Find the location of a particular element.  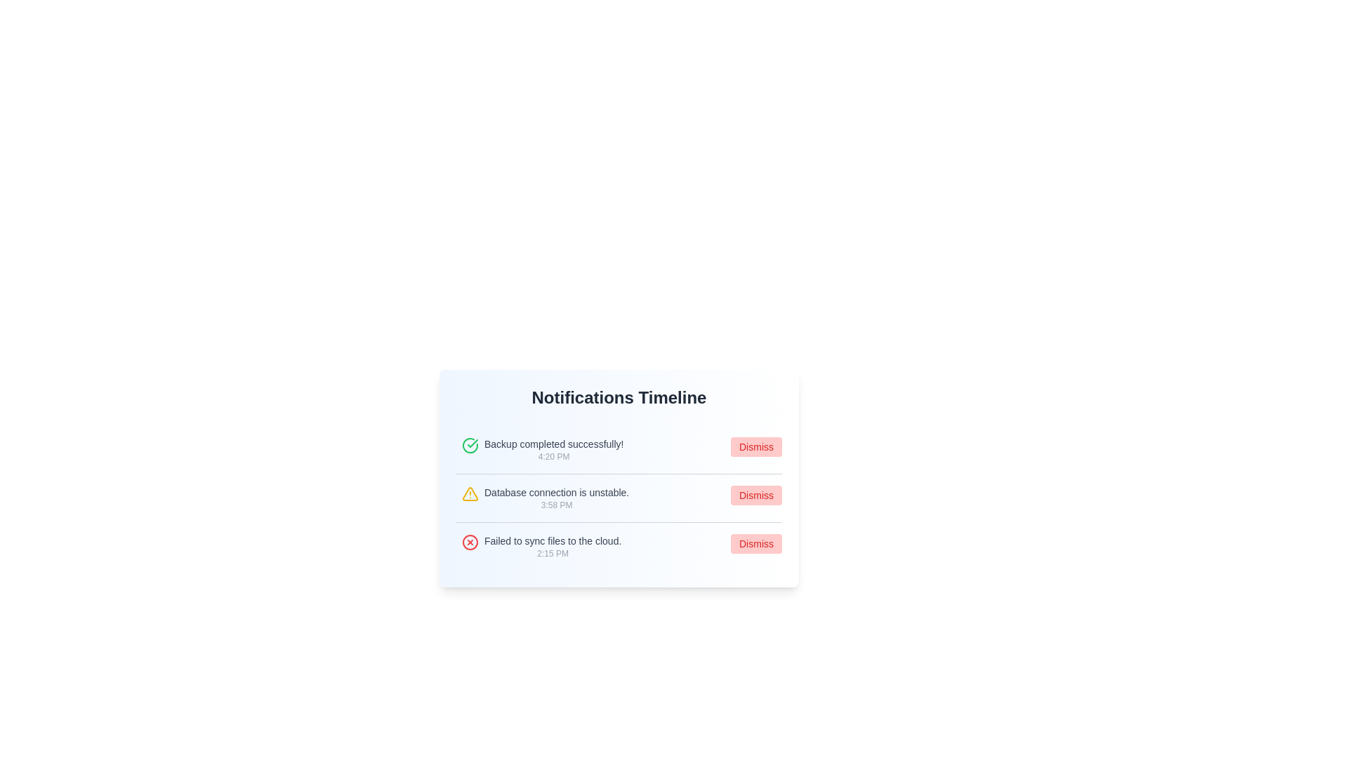

the first icon in the notification list that indicates a successful operation, located next to the text 'Backup completed successfully! 4:20 PM' is located at coordinates (470, 446).